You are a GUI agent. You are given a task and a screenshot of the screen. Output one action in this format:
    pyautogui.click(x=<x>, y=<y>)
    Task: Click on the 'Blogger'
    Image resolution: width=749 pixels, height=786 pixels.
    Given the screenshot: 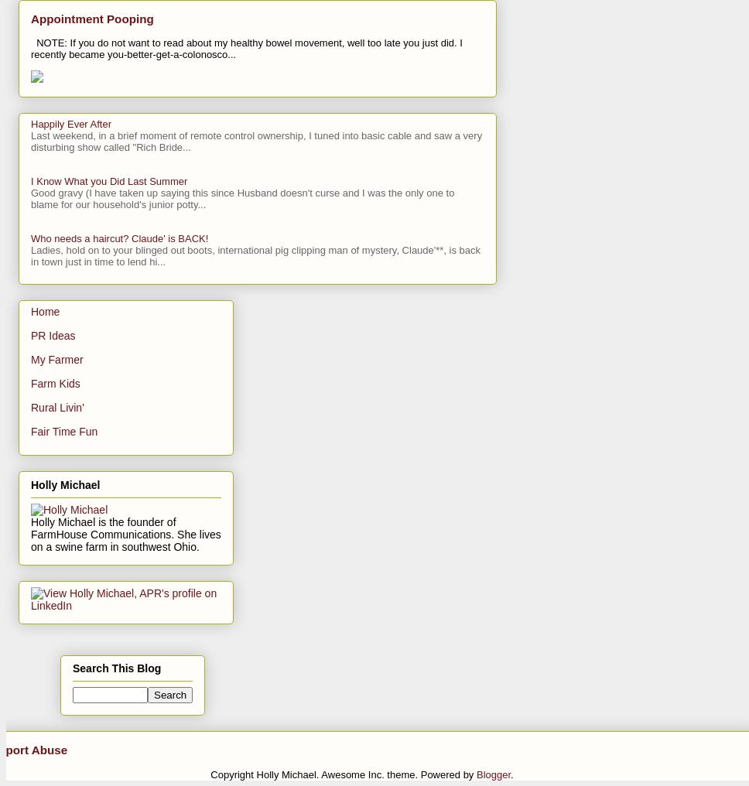 What is the action you would take?
    pyautogui.click(x=492, y=774)
    